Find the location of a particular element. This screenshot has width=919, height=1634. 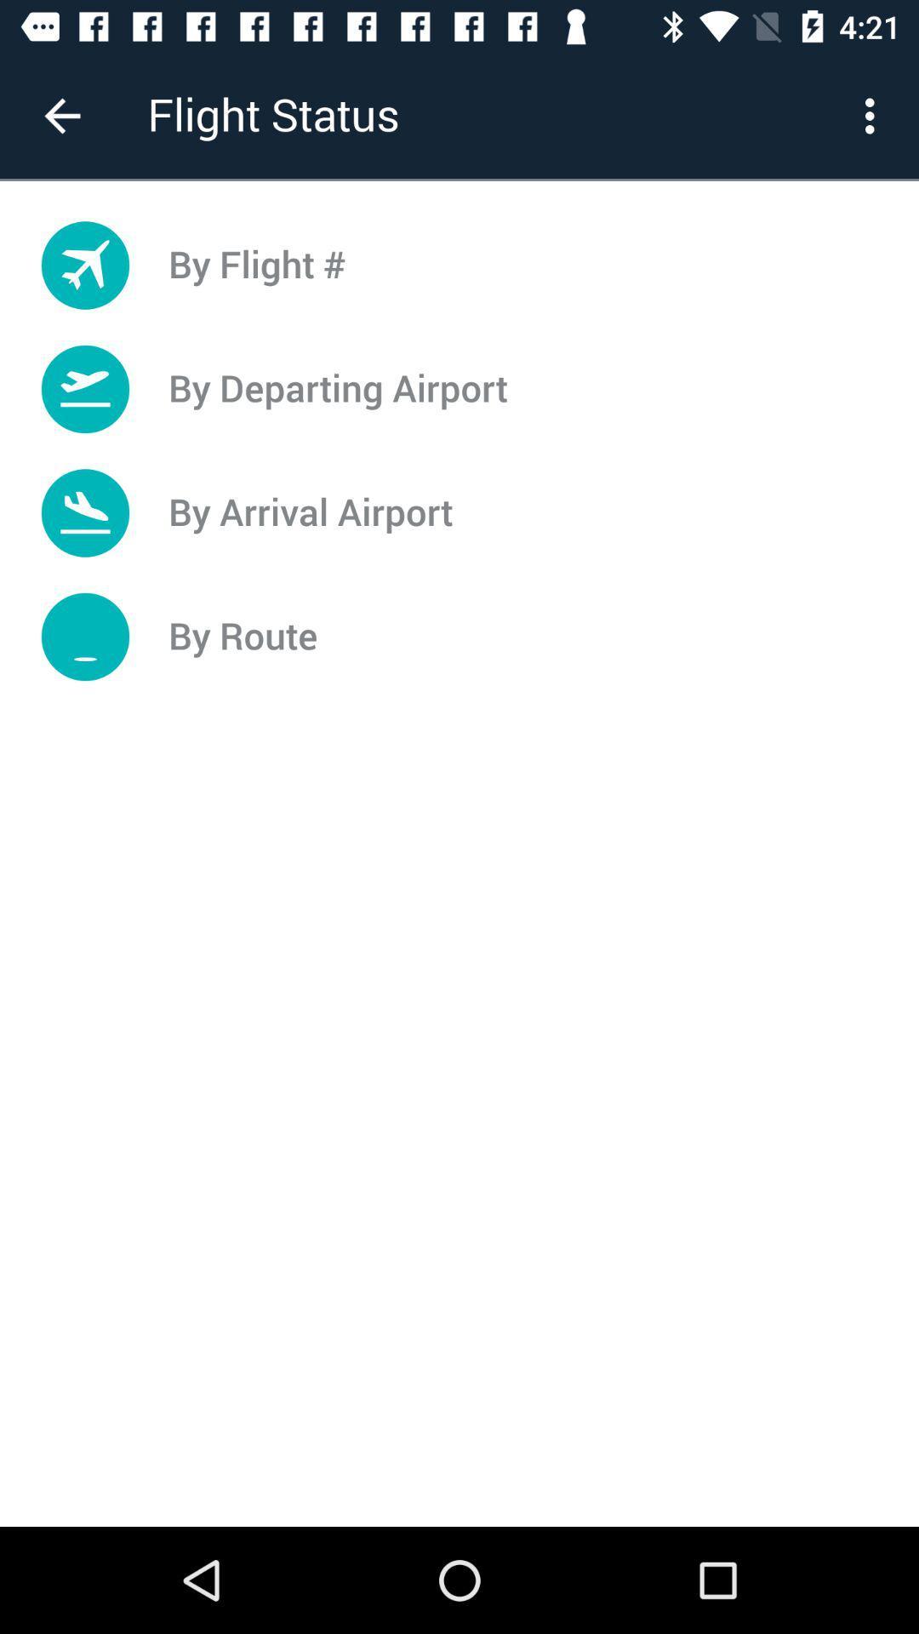

the image left to by flight is located at coordinates (85, 265).